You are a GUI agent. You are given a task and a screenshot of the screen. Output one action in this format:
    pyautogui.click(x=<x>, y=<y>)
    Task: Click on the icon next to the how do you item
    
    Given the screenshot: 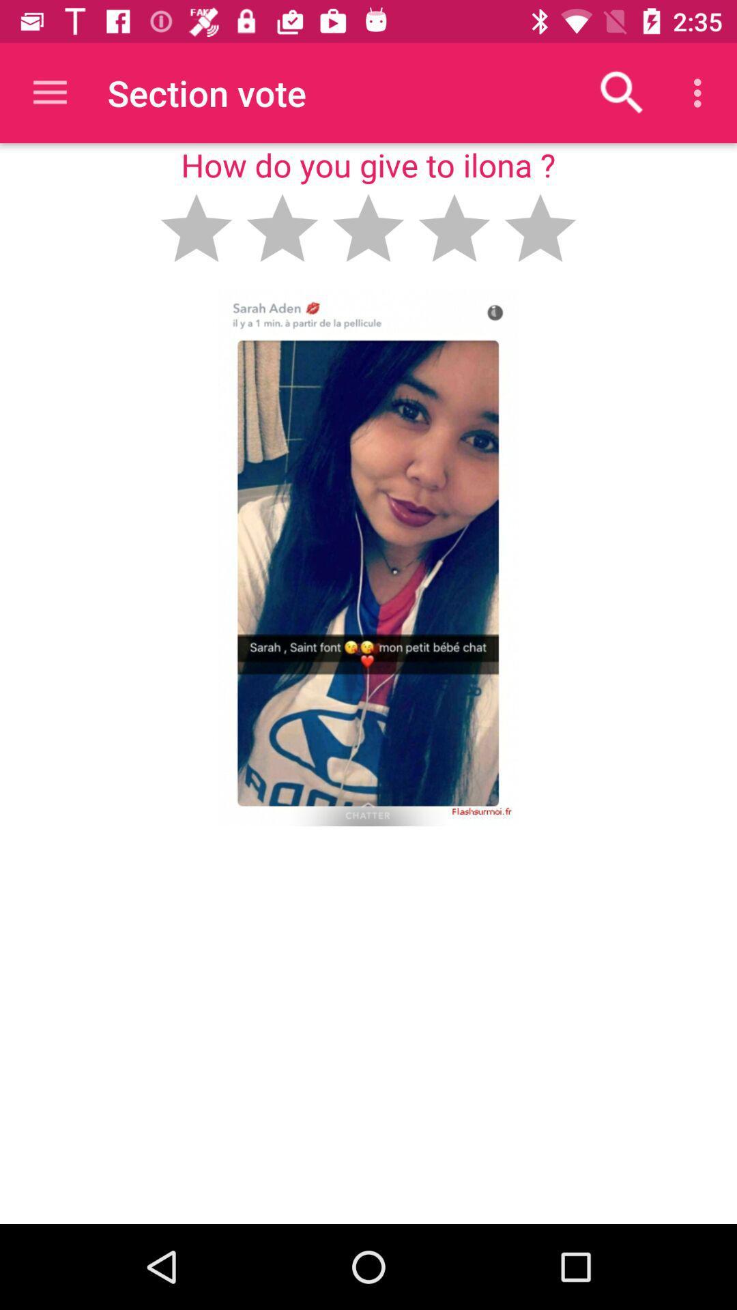 What is the action you would take?
    pyautogui.click(x=622, y=92)
    